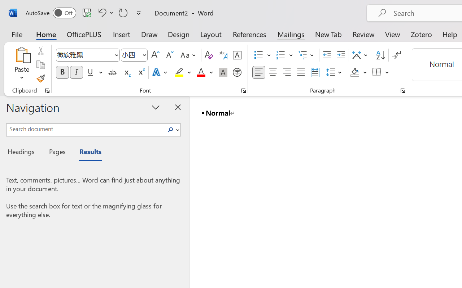 The image size is (462, 288). Describe the element at coordinates (179, 72) in the screenshot. I see `'Text Highlight Color Yellow'` at that location.